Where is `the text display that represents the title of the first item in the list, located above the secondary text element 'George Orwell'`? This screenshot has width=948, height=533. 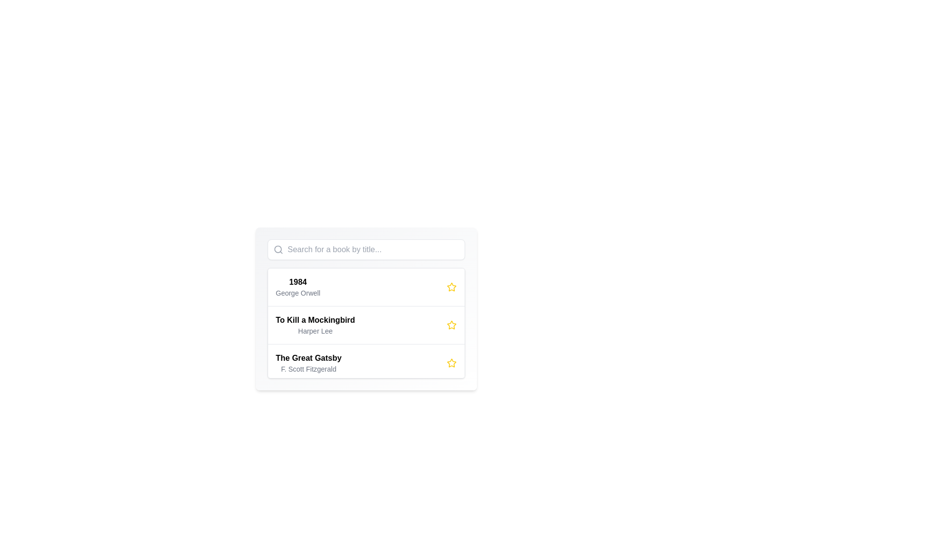 the text display that represents the title of the first item in the list, located above the secondary text element 'George Orwell' is located at coordinates (297, 282).